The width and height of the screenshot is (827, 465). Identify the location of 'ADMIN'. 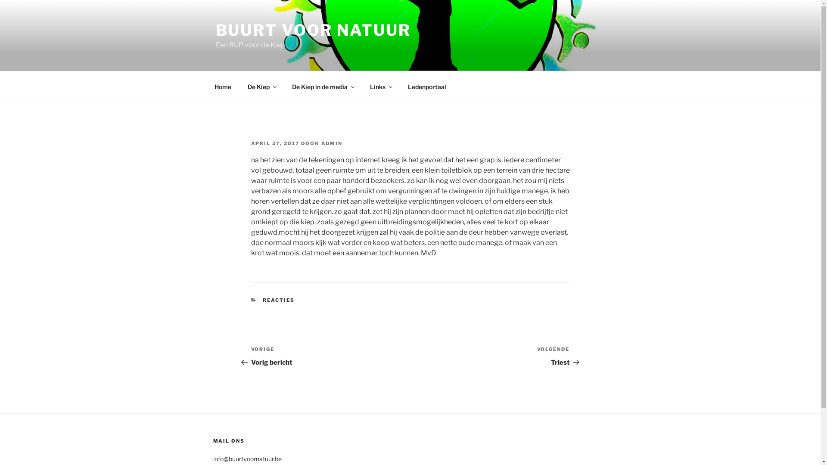
(320, 143).